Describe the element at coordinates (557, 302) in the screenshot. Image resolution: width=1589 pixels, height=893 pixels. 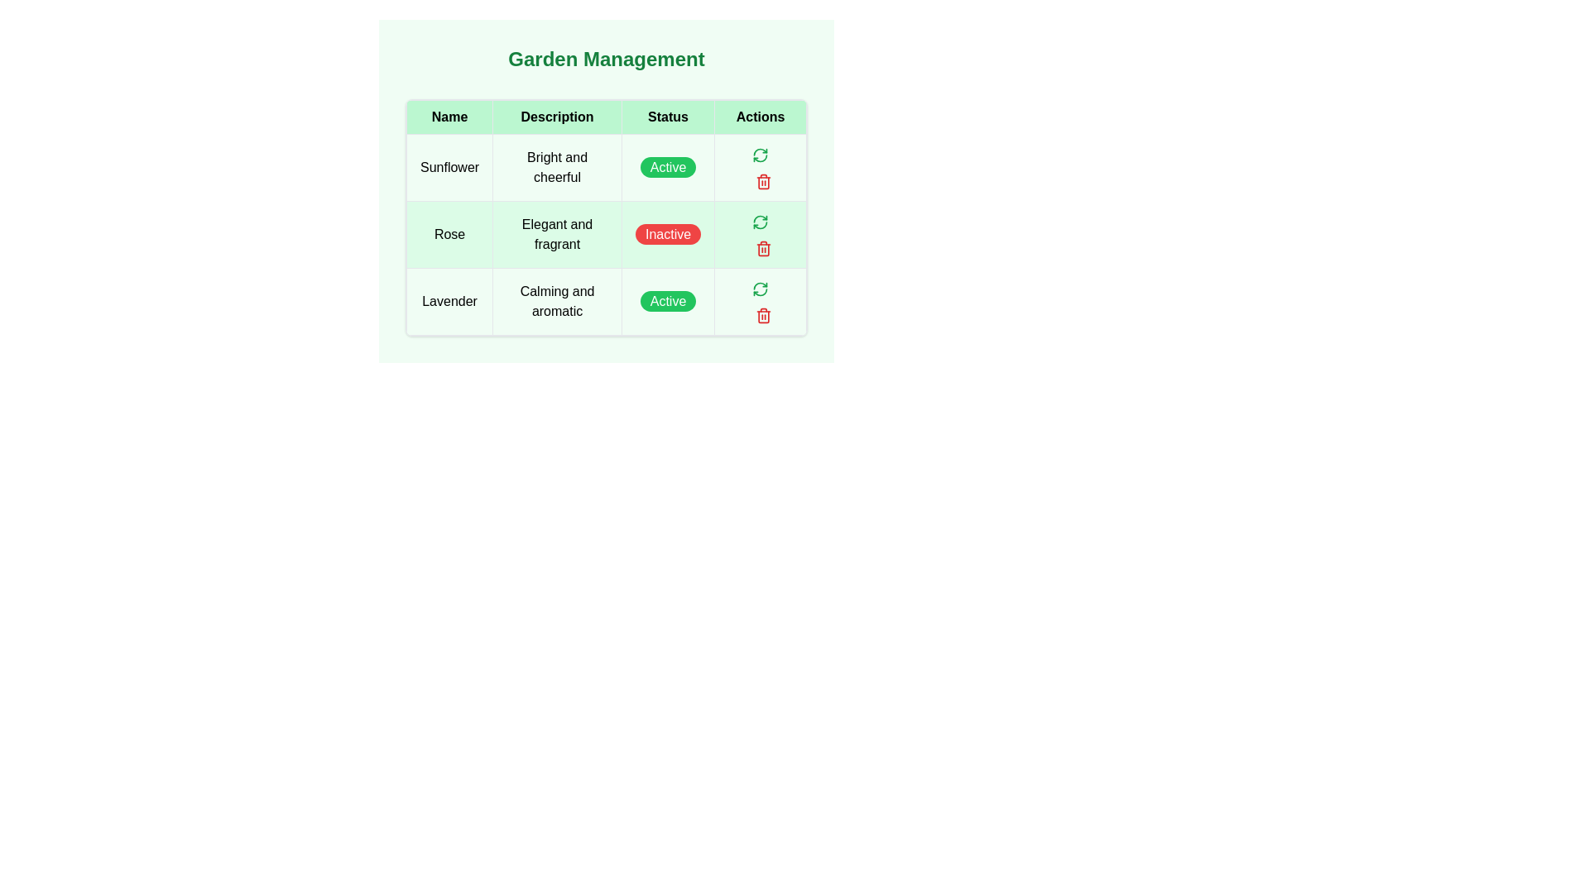
I see `text content of the table cell located in the third row of the 'Description' column, which summarizes the characteristics of 'Lavender'` at that location.